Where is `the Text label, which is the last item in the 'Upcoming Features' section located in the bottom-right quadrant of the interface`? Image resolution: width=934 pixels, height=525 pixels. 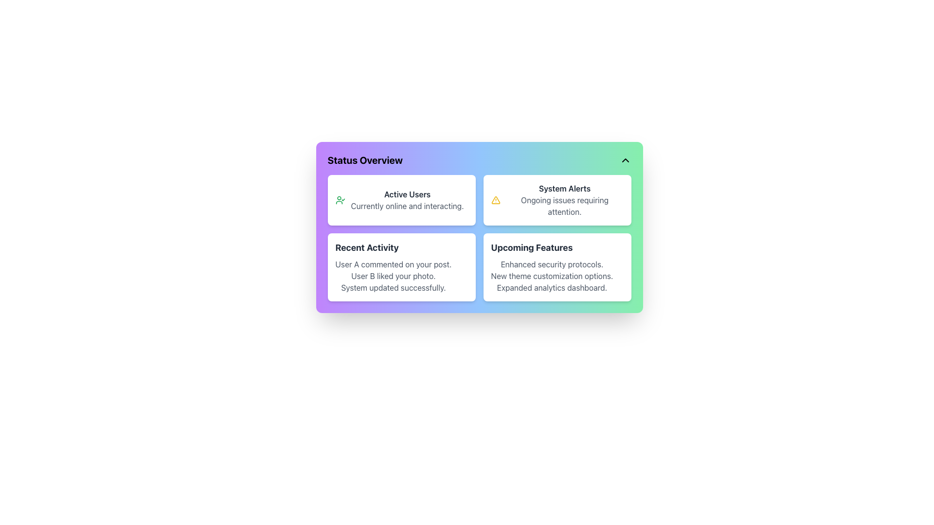
the Text label, which is the last item in the 'Upcoming Features' section located in the bottom-right quadrant of the interface is located at coordinates (552, 287).